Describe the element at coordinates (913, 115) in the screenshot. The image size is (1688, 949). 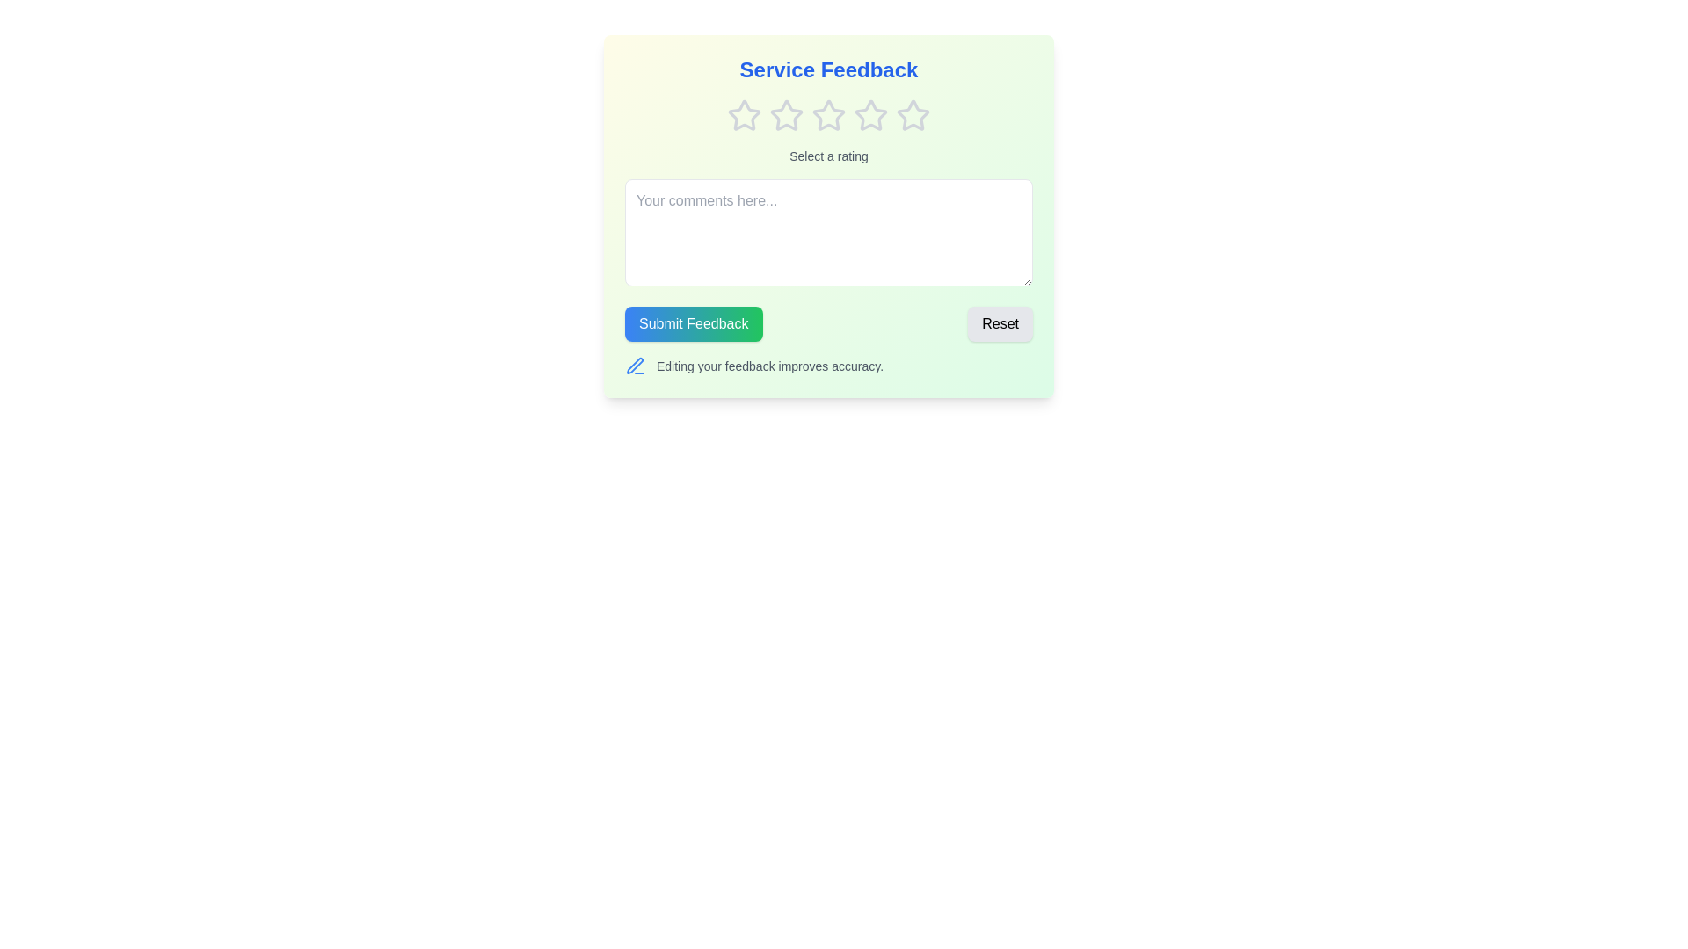
I see `the fifth star-shaped rating icon, which is light gray and positioned horizontally at the top of the feedback form` at that location.